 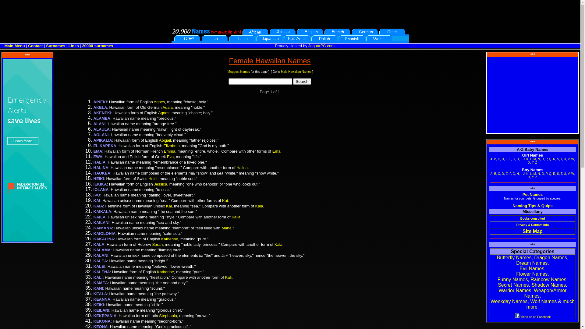 I want to click on 'Agnes', so click(x=159, y=101).